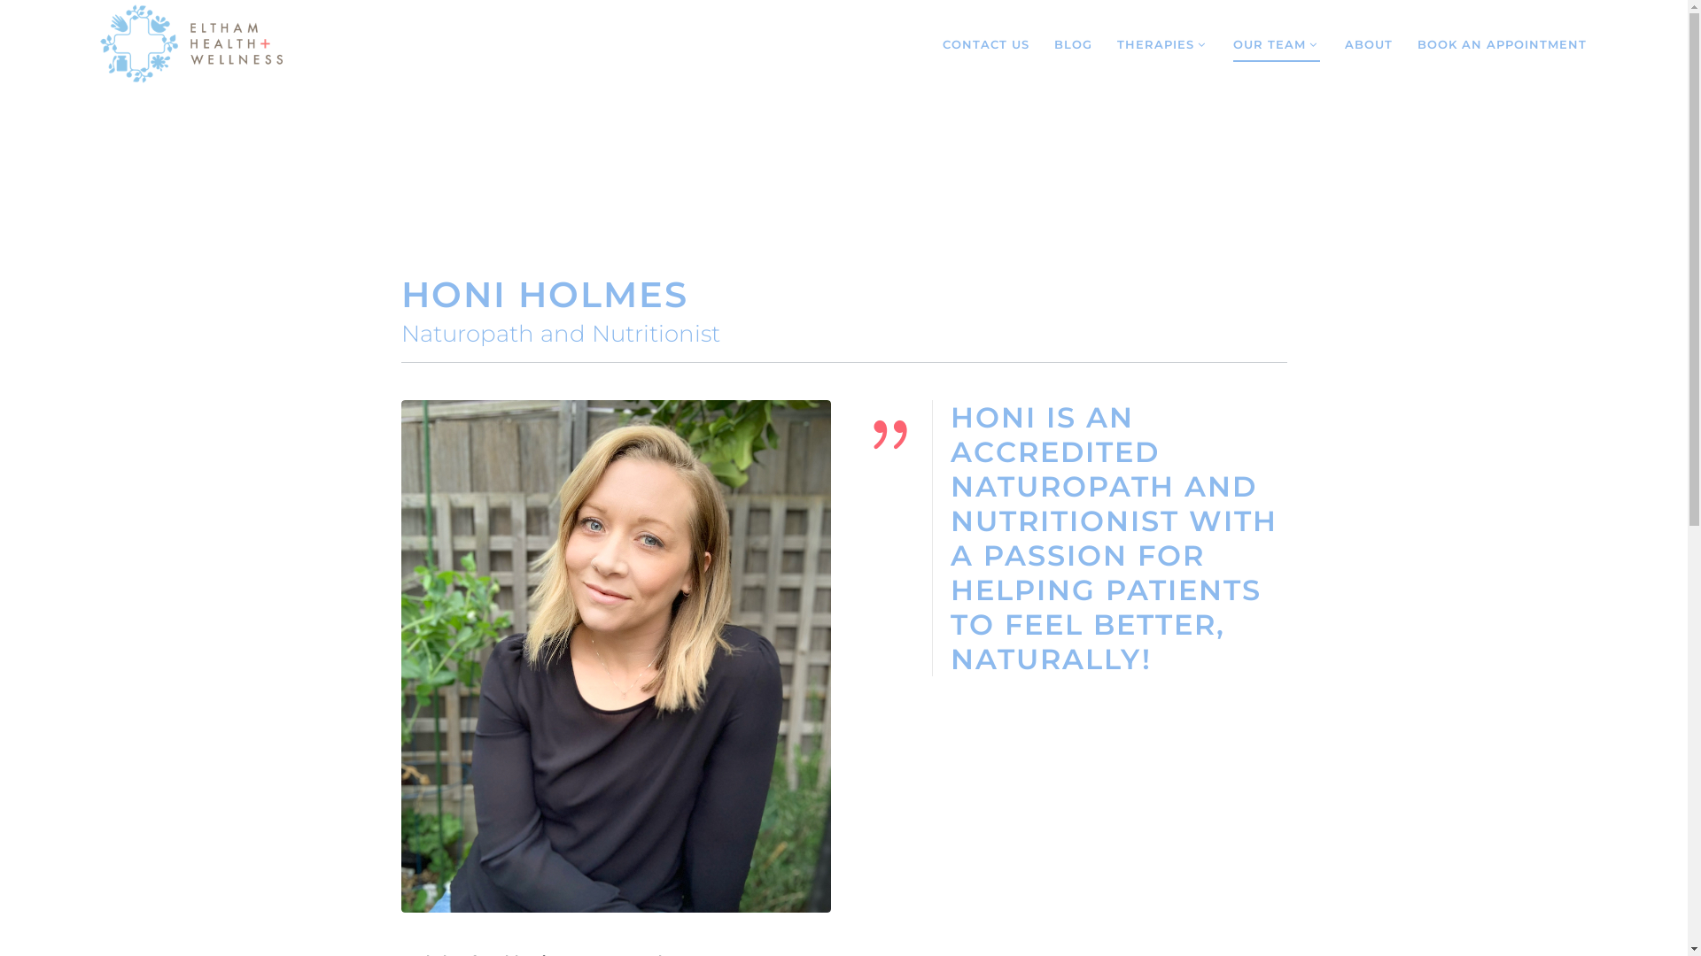  Describe the element at coordinates (1344, 43) in the screenshot. I see `'ABOUT'` at that location.